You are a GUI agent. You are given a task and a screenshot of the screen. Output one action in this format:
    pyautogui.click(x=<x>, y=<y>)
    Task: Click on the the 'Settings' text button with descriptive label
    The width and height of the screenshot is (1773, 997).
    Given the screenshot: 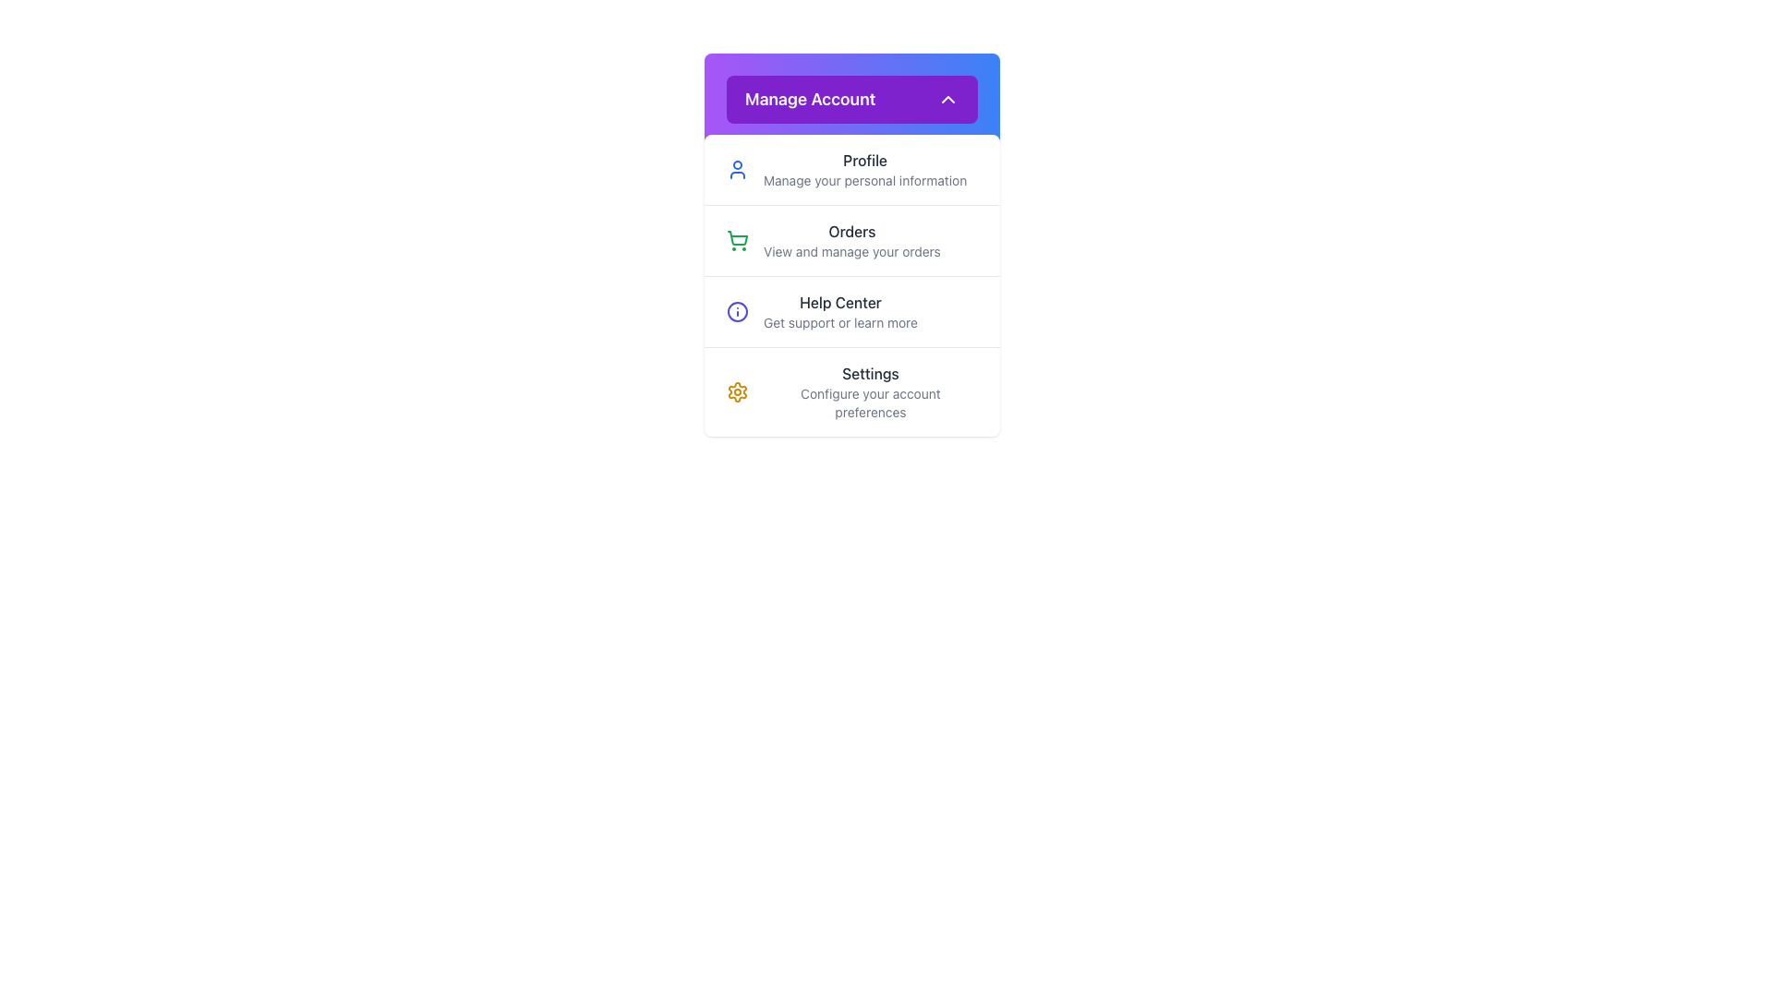 What is the action you would take?
    pyautogui.click(x=869, y=390)
    